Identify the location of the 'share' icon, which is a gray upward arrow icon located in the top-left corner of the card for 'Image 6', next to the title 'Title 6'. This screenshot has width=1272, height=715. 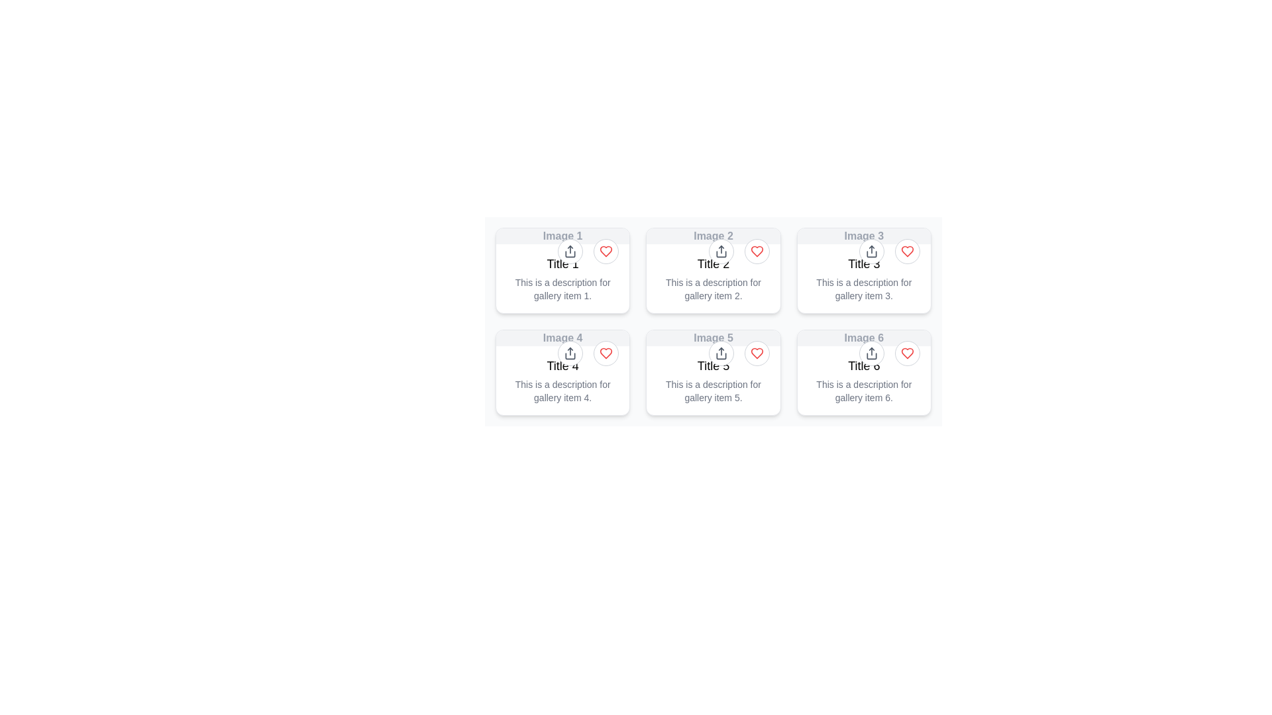
(871, 352).